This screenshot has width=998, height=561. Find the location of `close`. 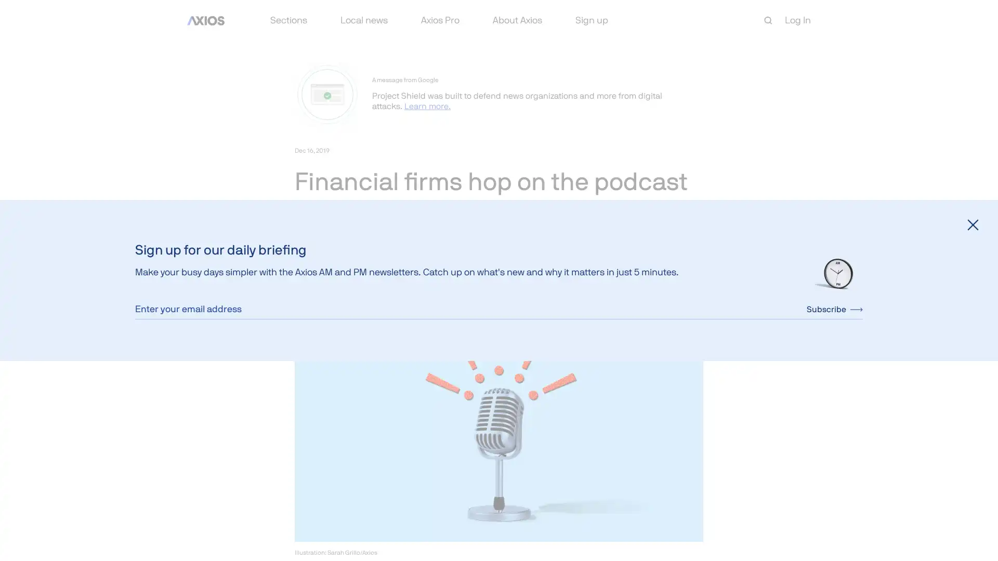

close is located at coordinates (973, 224).